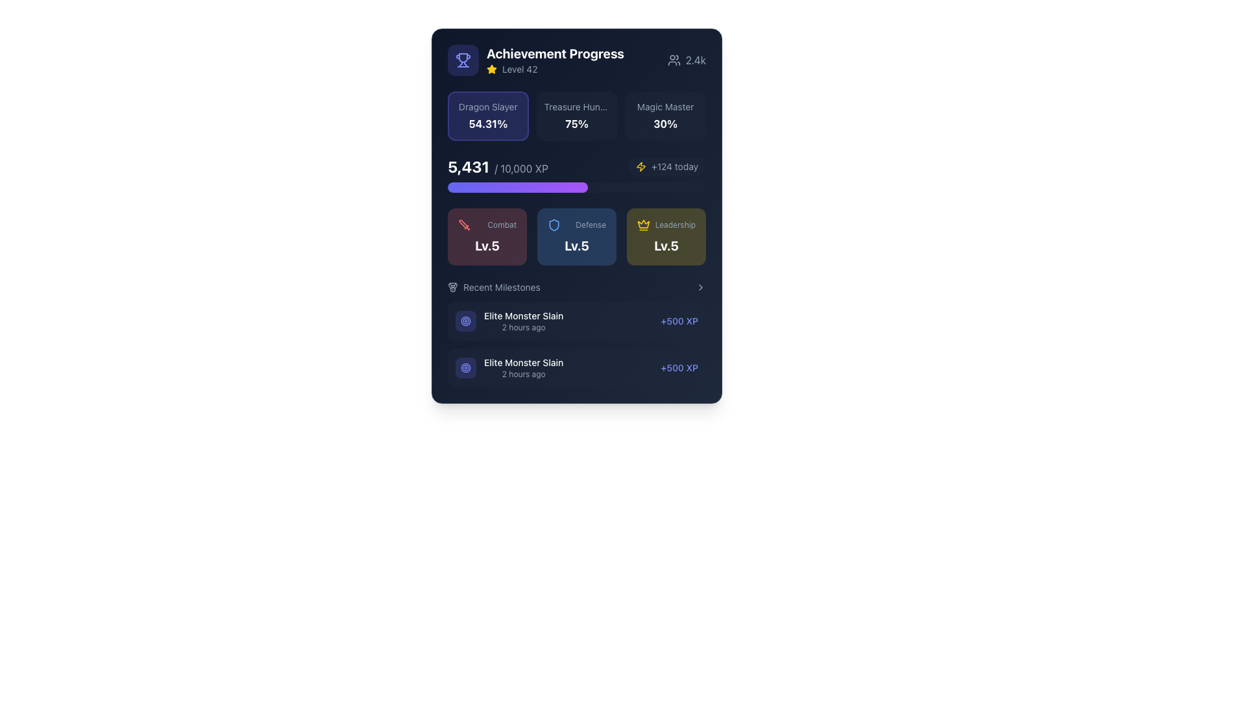  I want to click on the progress bar located directly below the text '5,431 / 10,000 XP +124 today', which is the only progress bar in this section of the interface, so click(576, 188).